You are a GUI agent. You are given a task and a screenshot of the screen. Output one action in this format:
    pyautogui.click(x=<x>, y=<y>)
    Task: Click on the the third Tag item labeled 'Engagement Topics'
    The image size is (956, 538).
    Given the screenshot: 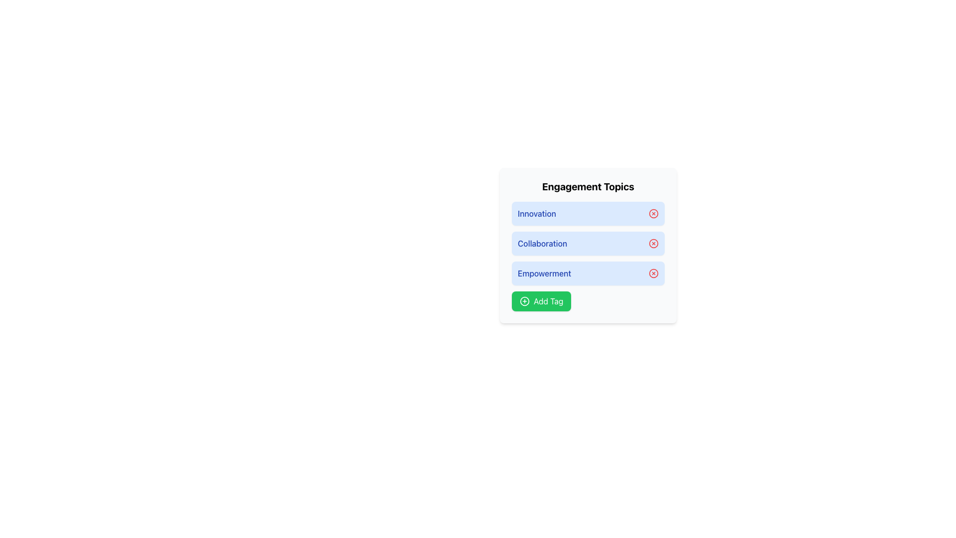 What is the action you would take?
    pyautogui.click(x=588, y=273)
    